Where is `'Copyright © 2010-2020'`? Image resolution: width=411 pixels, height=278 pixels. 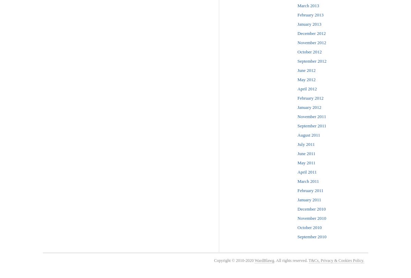
'Copyright © 2010-2020' is located at coordinates (234, 260).